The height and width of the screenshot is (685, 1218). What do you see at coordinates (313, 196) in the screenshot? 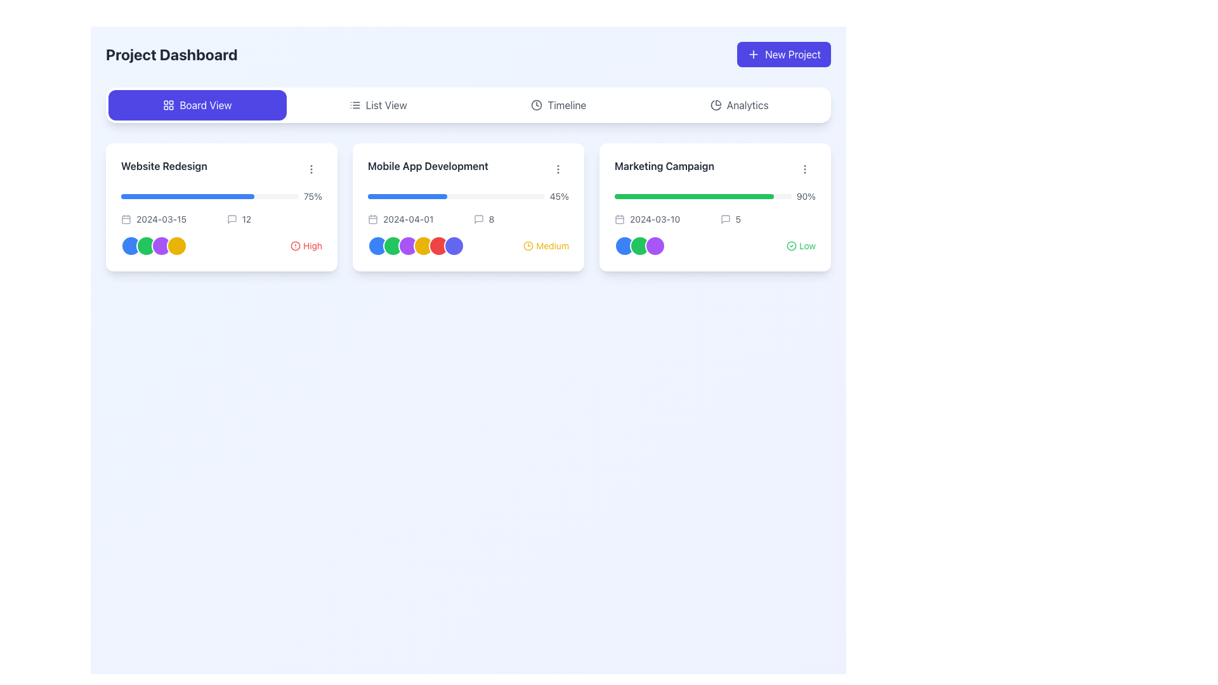
I see `the text label displaying '75%' located at the top-right corner of the progress bar for the 'Website Redesign' card in the board view layout` at bounding box center [313, 196].